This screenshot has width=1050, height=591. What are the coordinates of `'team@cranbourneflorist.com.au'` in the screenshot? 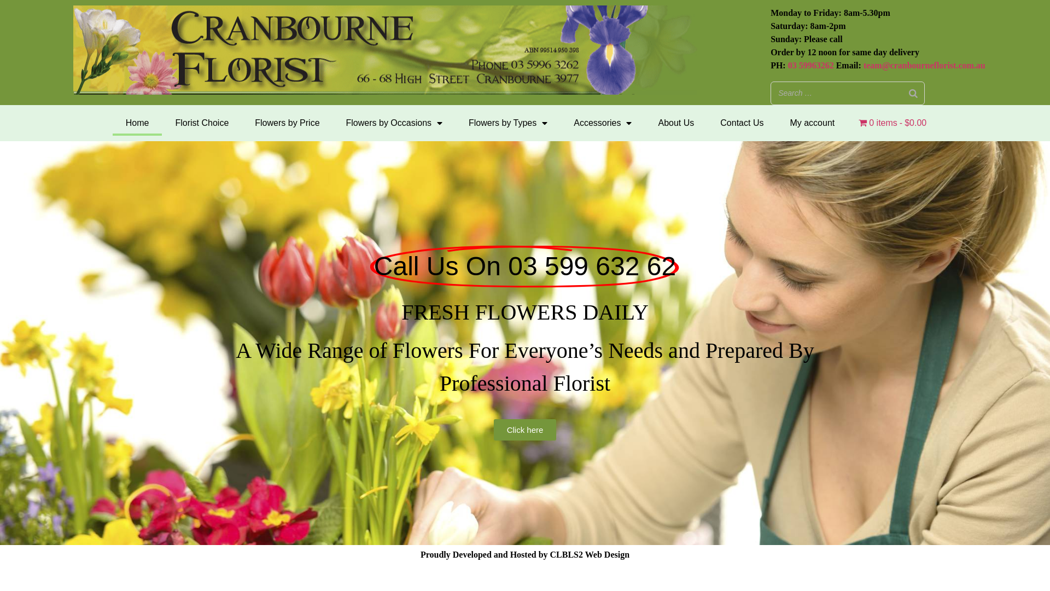 It's located at (924, 65).